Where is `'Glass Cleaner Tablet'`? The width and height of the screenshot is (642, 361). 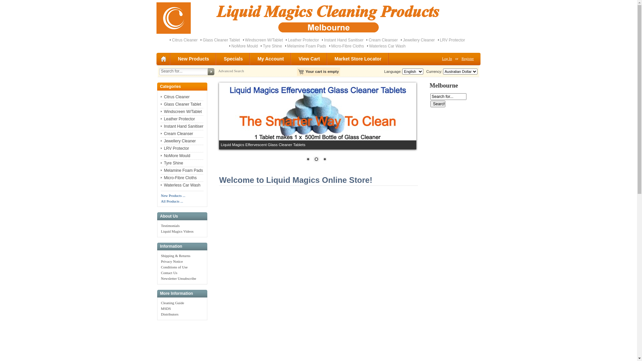
'Glass Cleaner Tablet' is located at coordinates (221, 40).